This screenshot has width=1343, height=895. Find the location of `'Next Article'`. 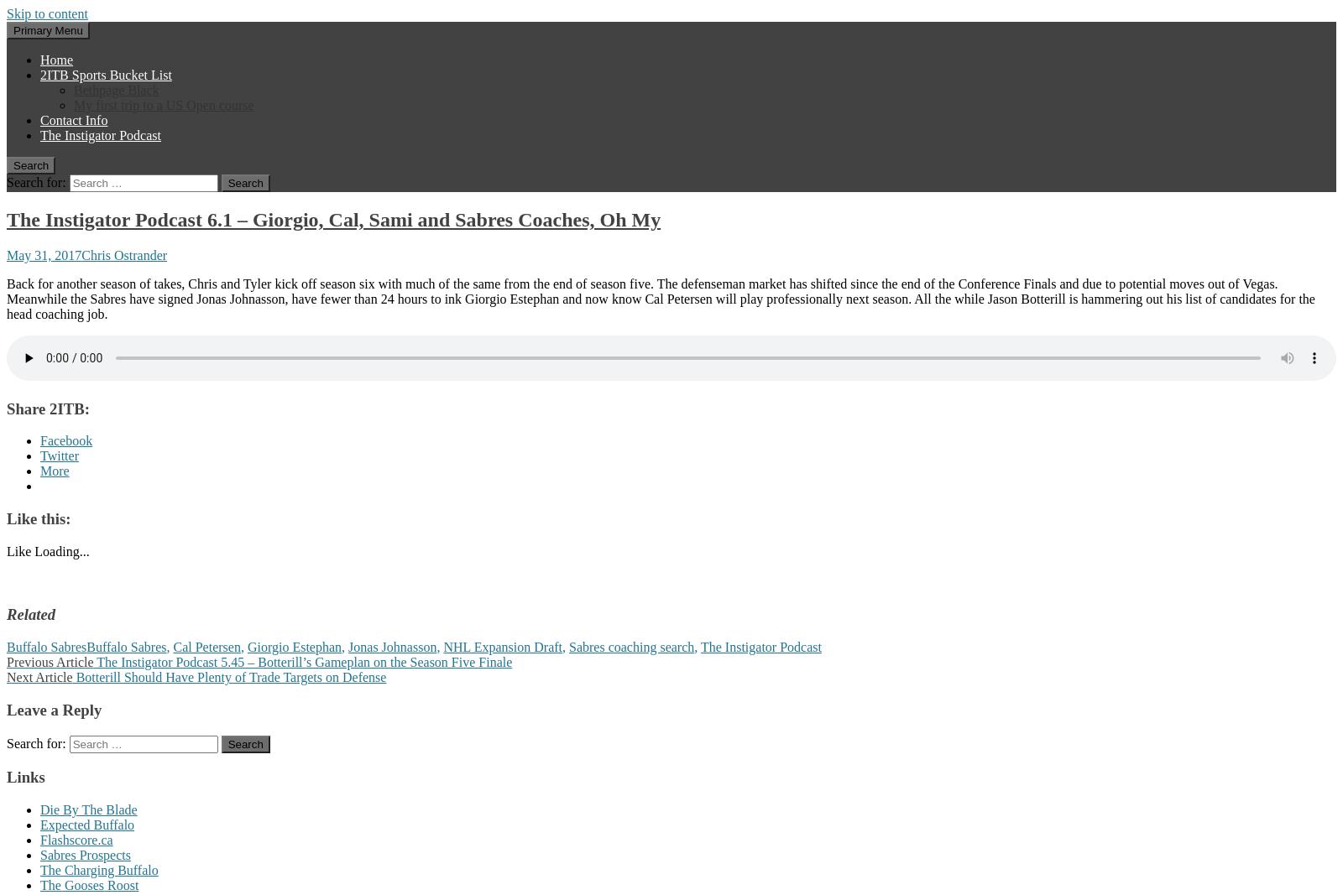

'Next Article' is located at coordinates (39, 676).